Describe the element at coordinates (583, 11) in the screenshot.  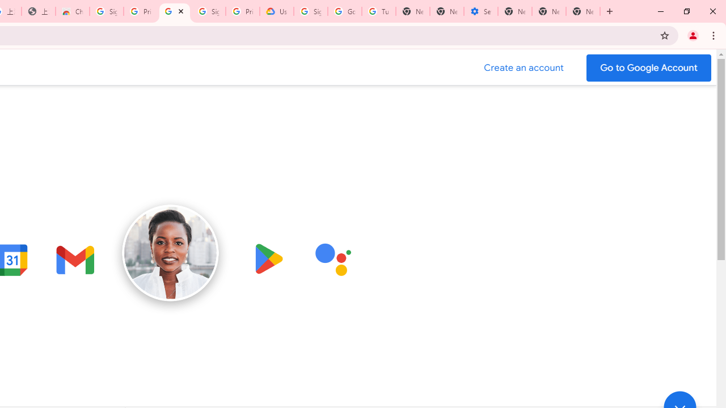
I see `'New Tab'` at that location.